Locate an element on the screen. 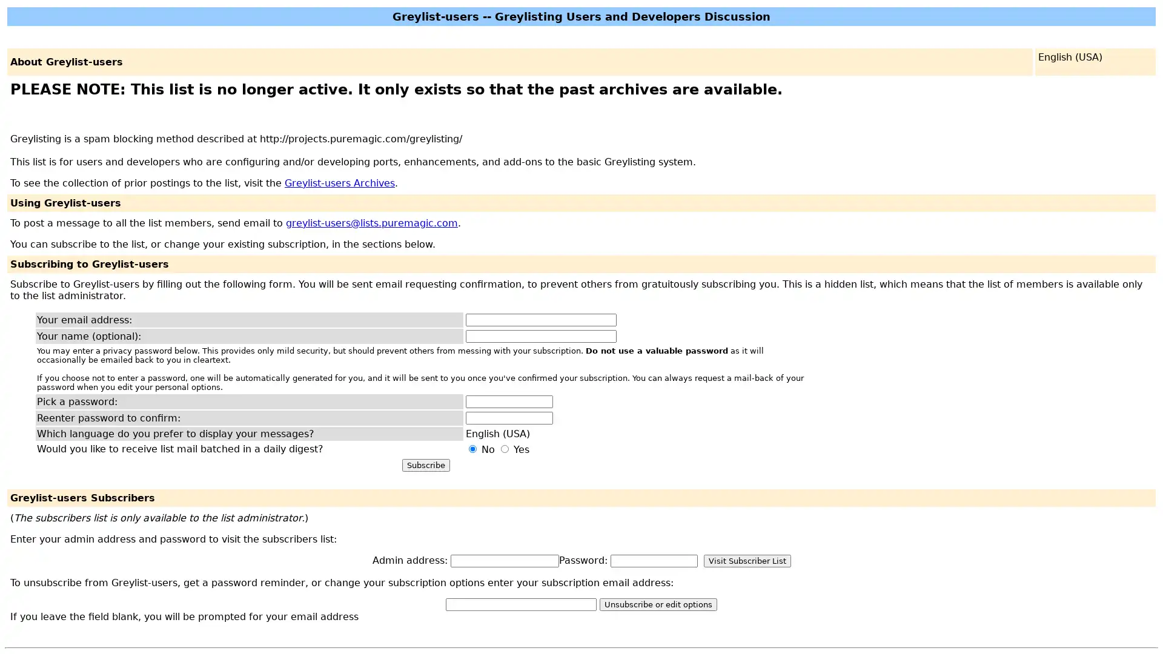 This screenshot has height=654, width=1163. Visit Subscriber List is located at coordinates (746, 560).